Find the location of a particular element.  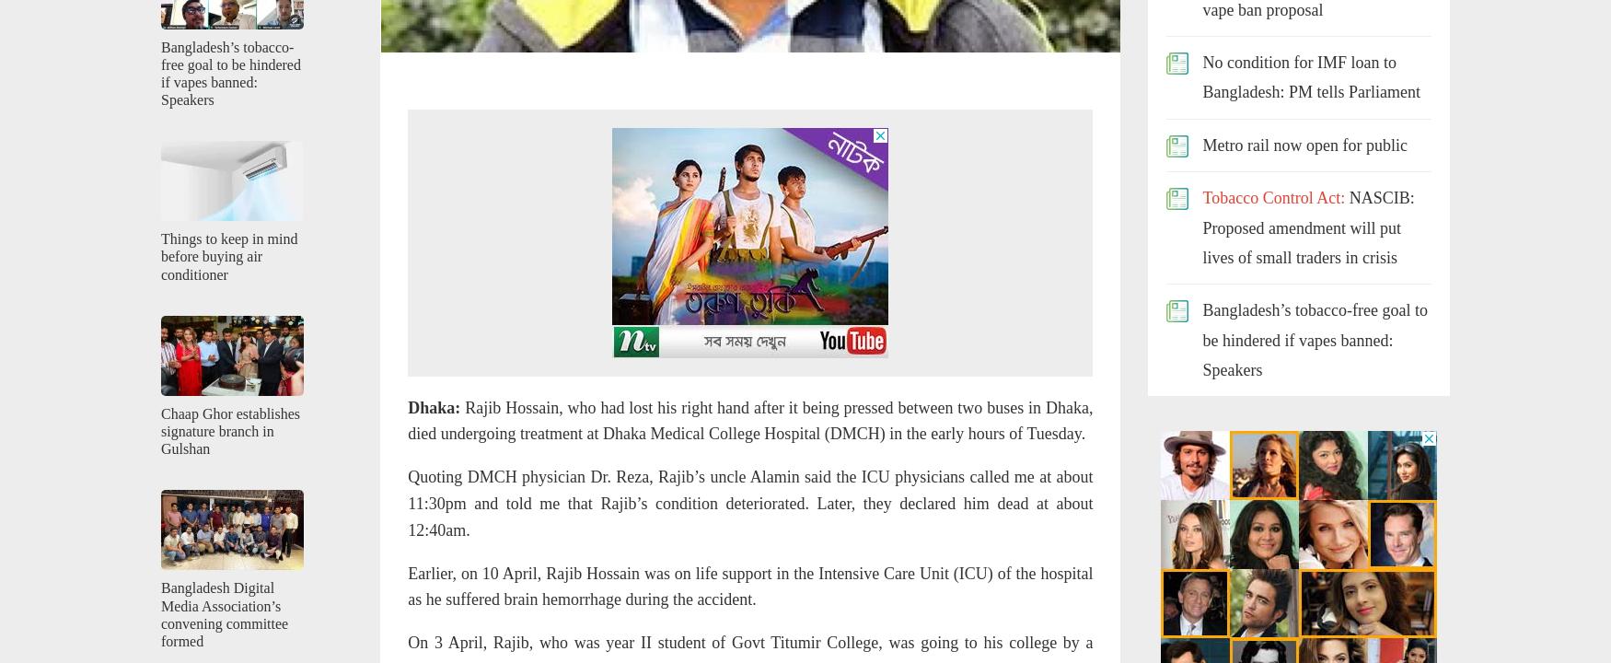

'Metro rail now open for public' is located at coordinates (1303, 144).